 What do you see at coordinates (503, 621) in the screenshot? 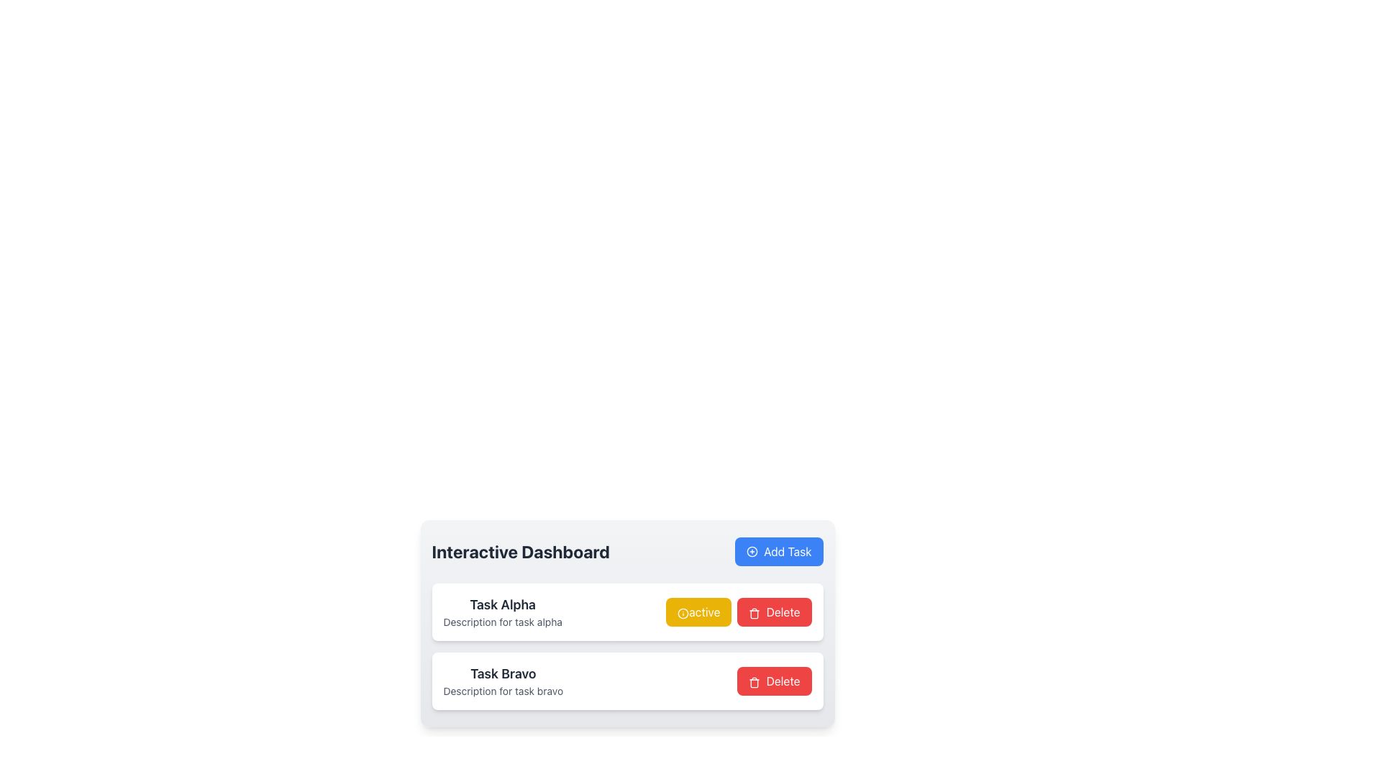
I see `static text label providing additional information about 'Task Alpha', located beneath the main task header within the task card` at bounding box center [503, 621].